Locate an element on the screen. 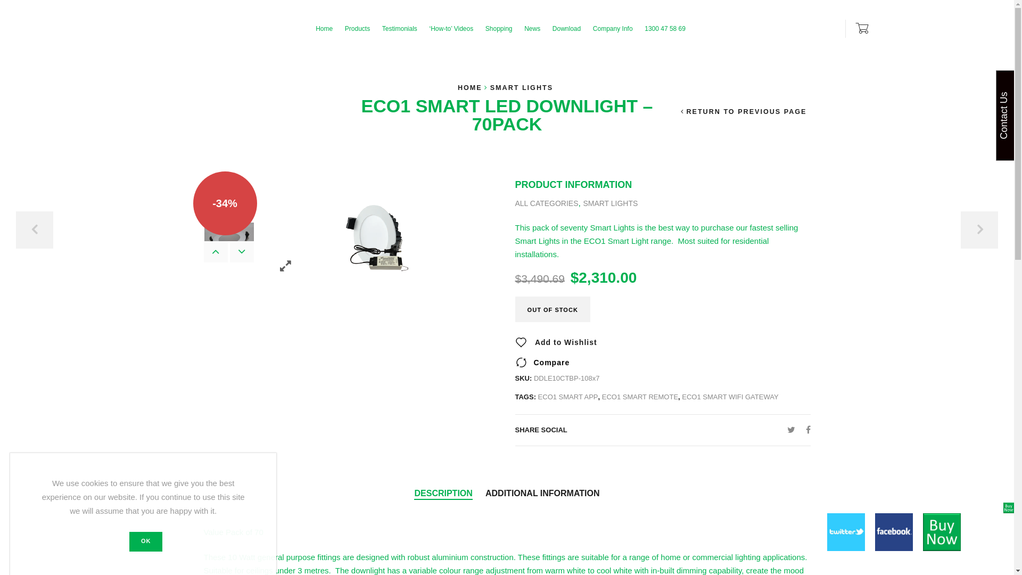 The image size is (1022, 575). 'Add to Wishlist' is located at coordinates (515, 342).